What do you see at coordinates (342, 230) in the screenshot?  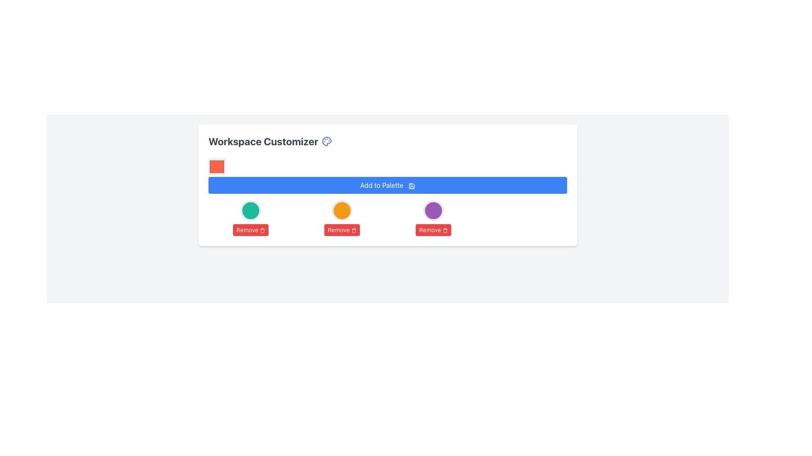 I see `the second button from the left, which is designed` at bounding box center [342, 230].